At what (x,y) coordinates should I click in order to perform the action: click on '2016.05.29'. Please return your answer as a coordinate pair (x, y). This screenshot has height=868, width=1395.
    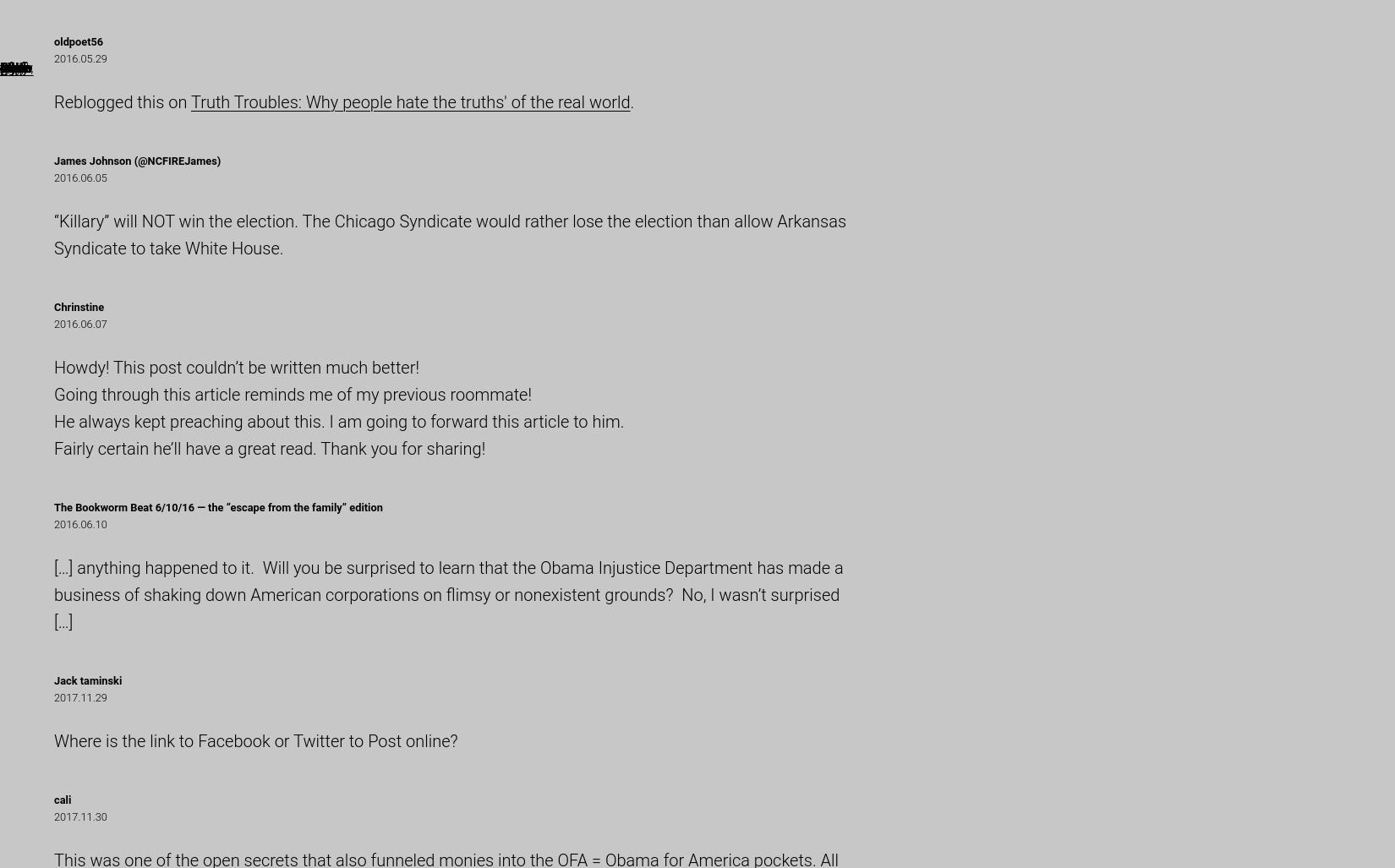
    Looking at the image, I should click on (54, 57).